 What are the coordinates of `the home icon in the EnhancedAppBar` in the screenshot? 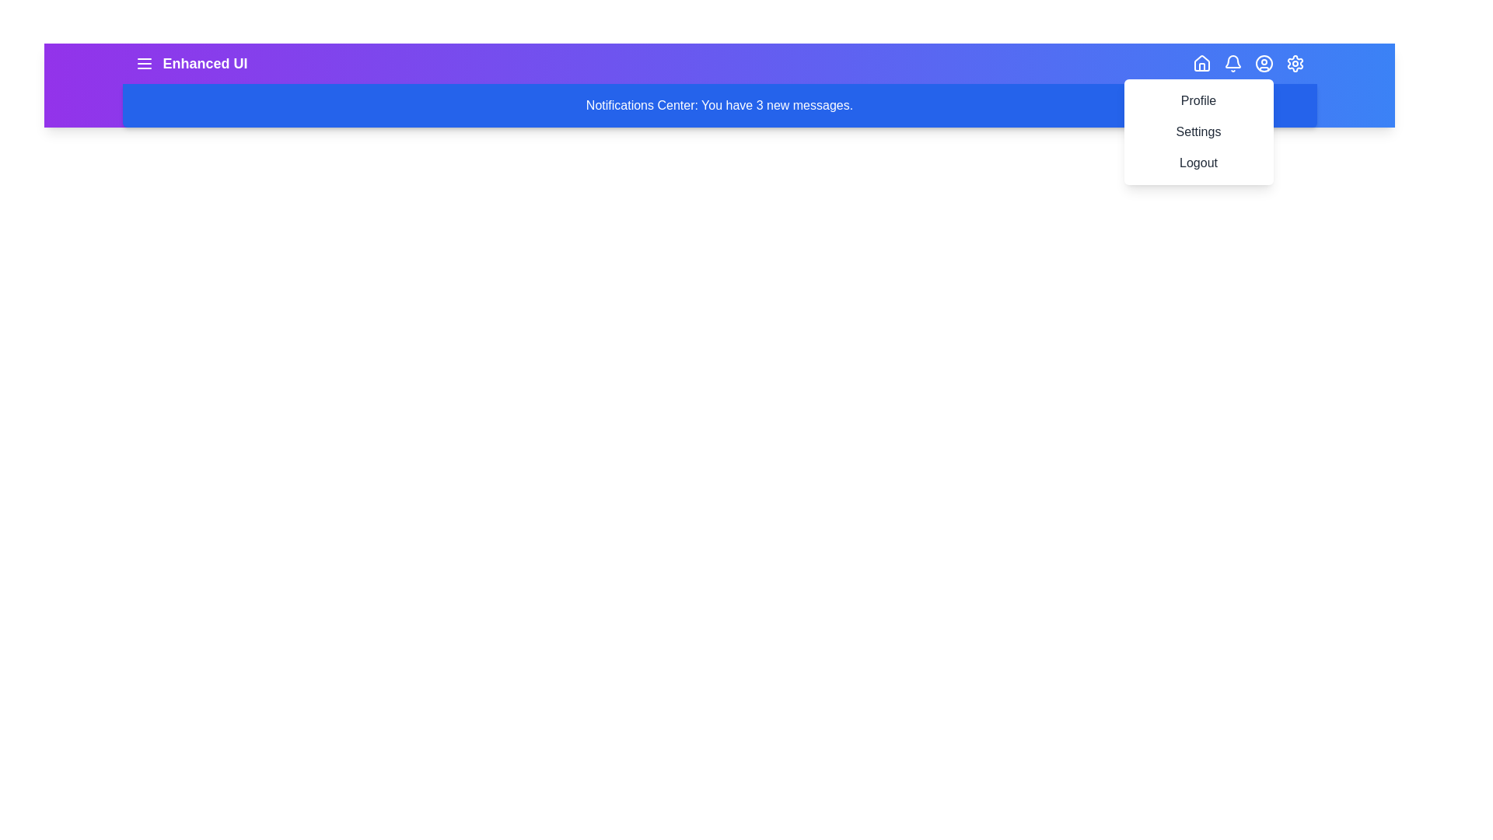 It's located at (1201, 62).